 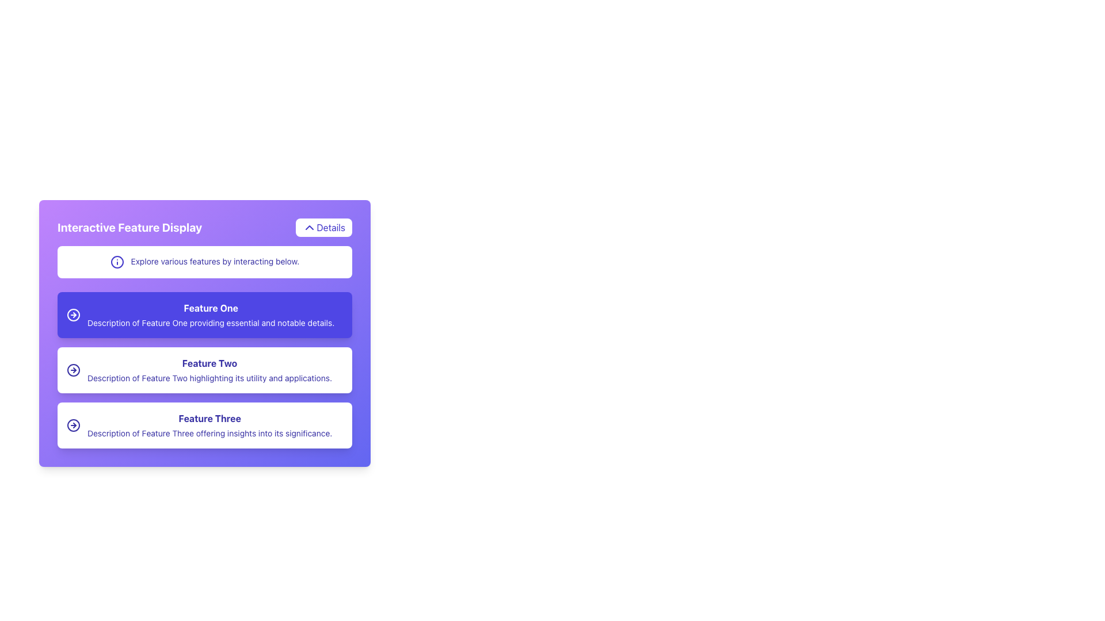 What do you see at coordinates (209, 378) in the screenshot?
I see `text that elaborates on the utility and applications of 'Feature Two', located below the bolded title 'Feature Two' in the central column of the interface` at bounding box center [209, 378].